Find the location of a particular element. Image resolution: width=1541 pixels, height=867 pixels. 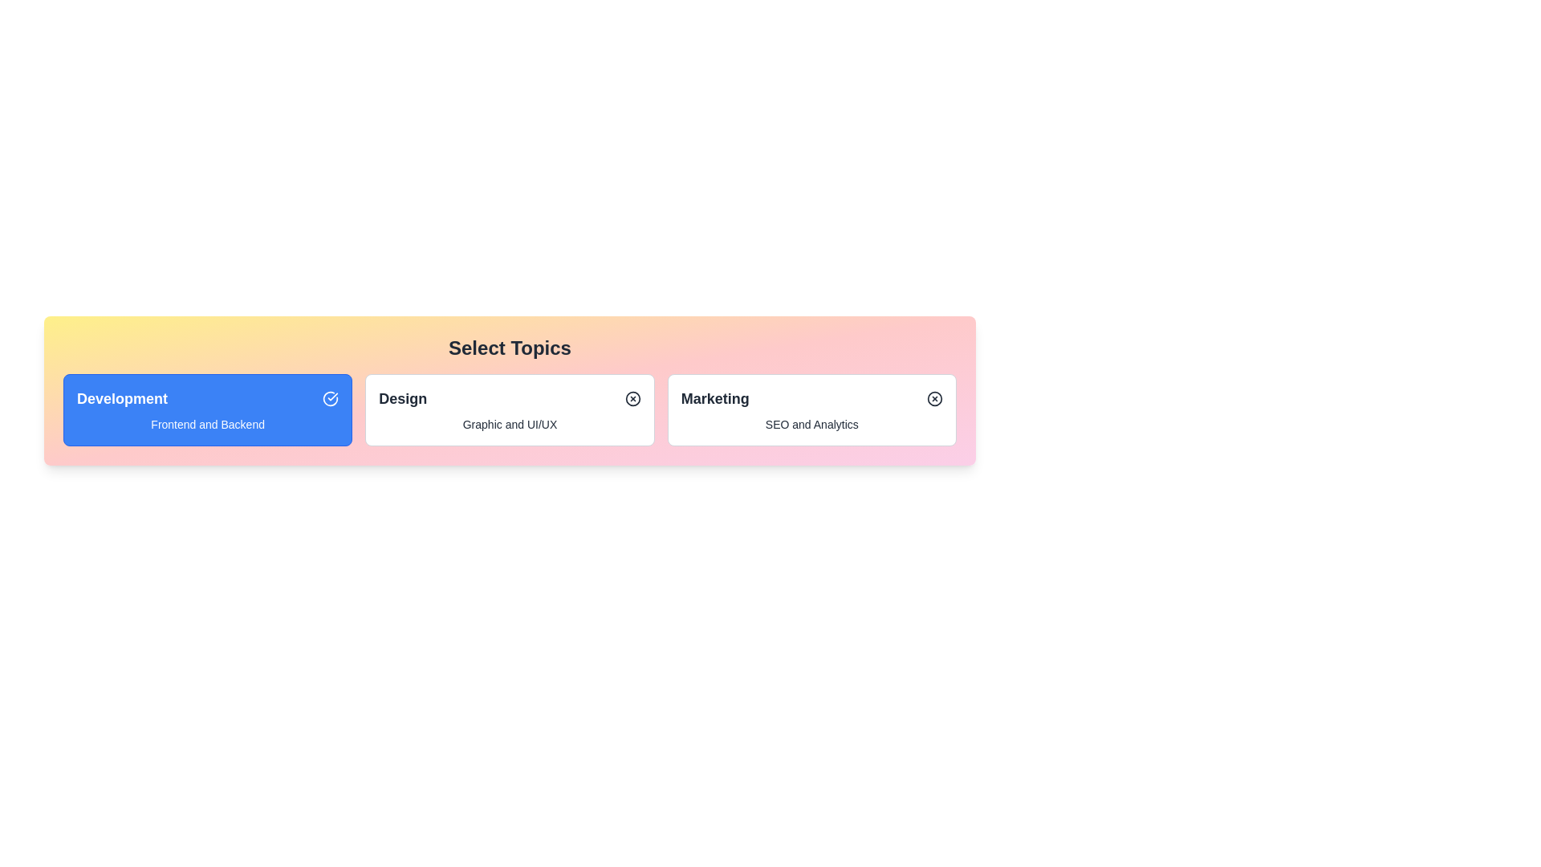

the chip labeled Development to observe its hover effects is located at coordinates (207, 409).